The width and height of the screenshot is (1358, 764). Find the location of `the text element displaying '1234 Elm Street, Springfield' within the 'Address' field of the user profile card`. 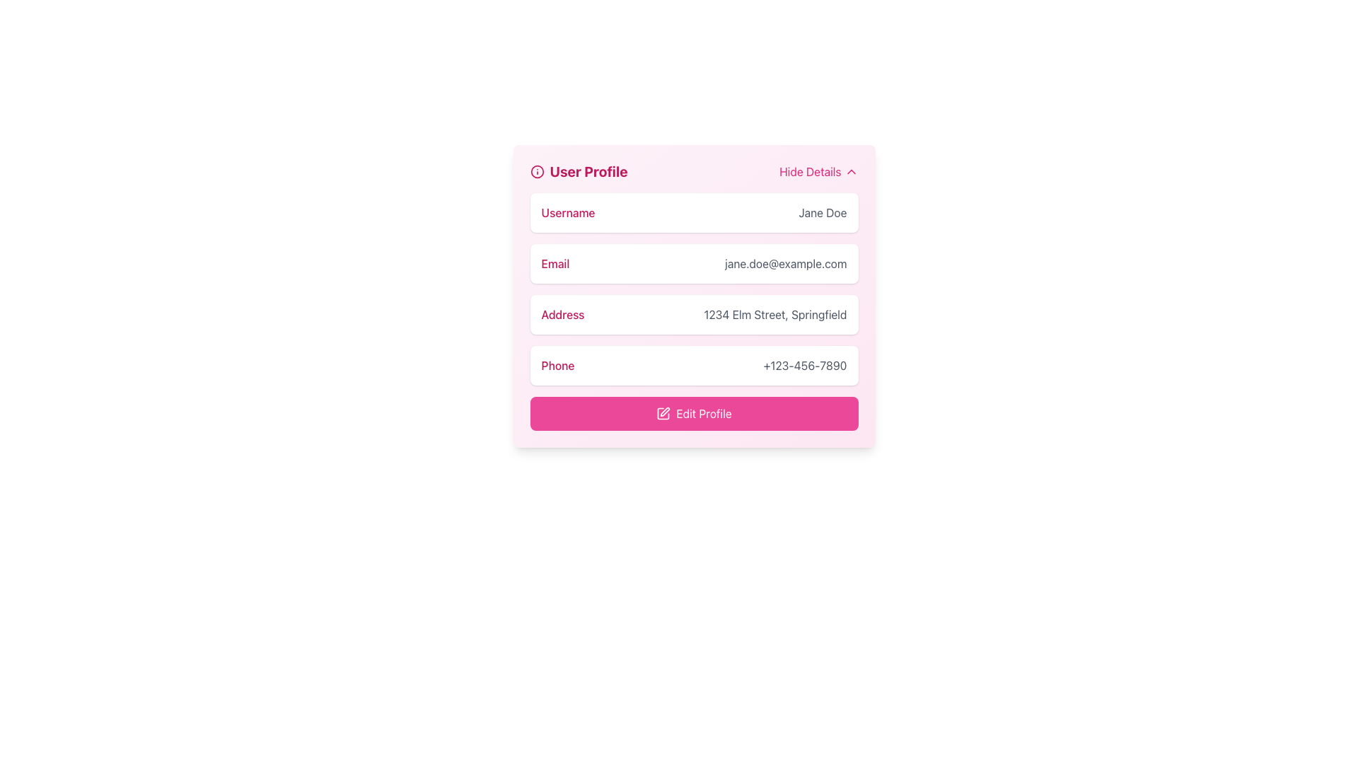

the text element displaying '1234 Elm Street, Springfield' within the 'Address' field of the user profile card is located at coordinates (774, 313).